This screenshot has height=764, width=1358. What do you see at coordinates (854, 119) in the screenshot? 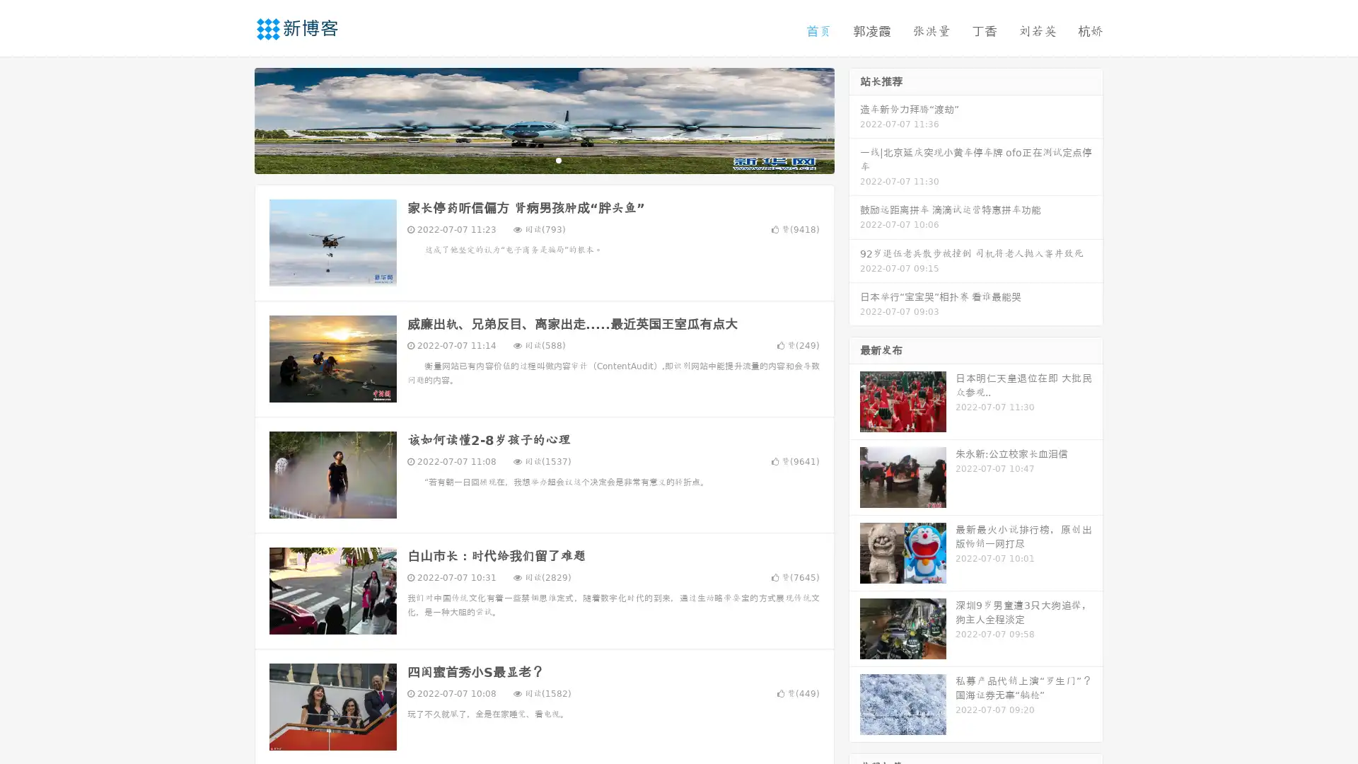
I see `Next slide` at bounding box center [854, 119].